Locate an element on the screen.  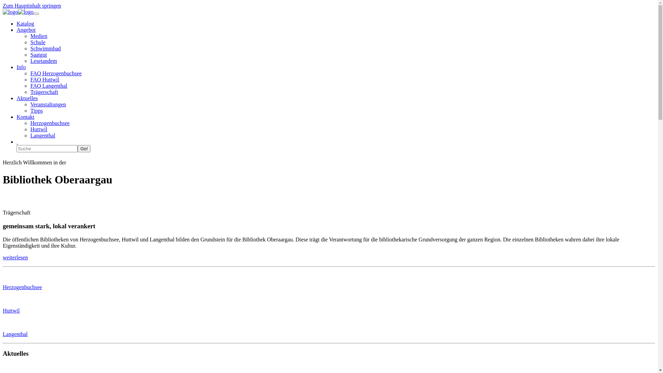
'FAQ Langenthal' is located at coordinates (48, 85).